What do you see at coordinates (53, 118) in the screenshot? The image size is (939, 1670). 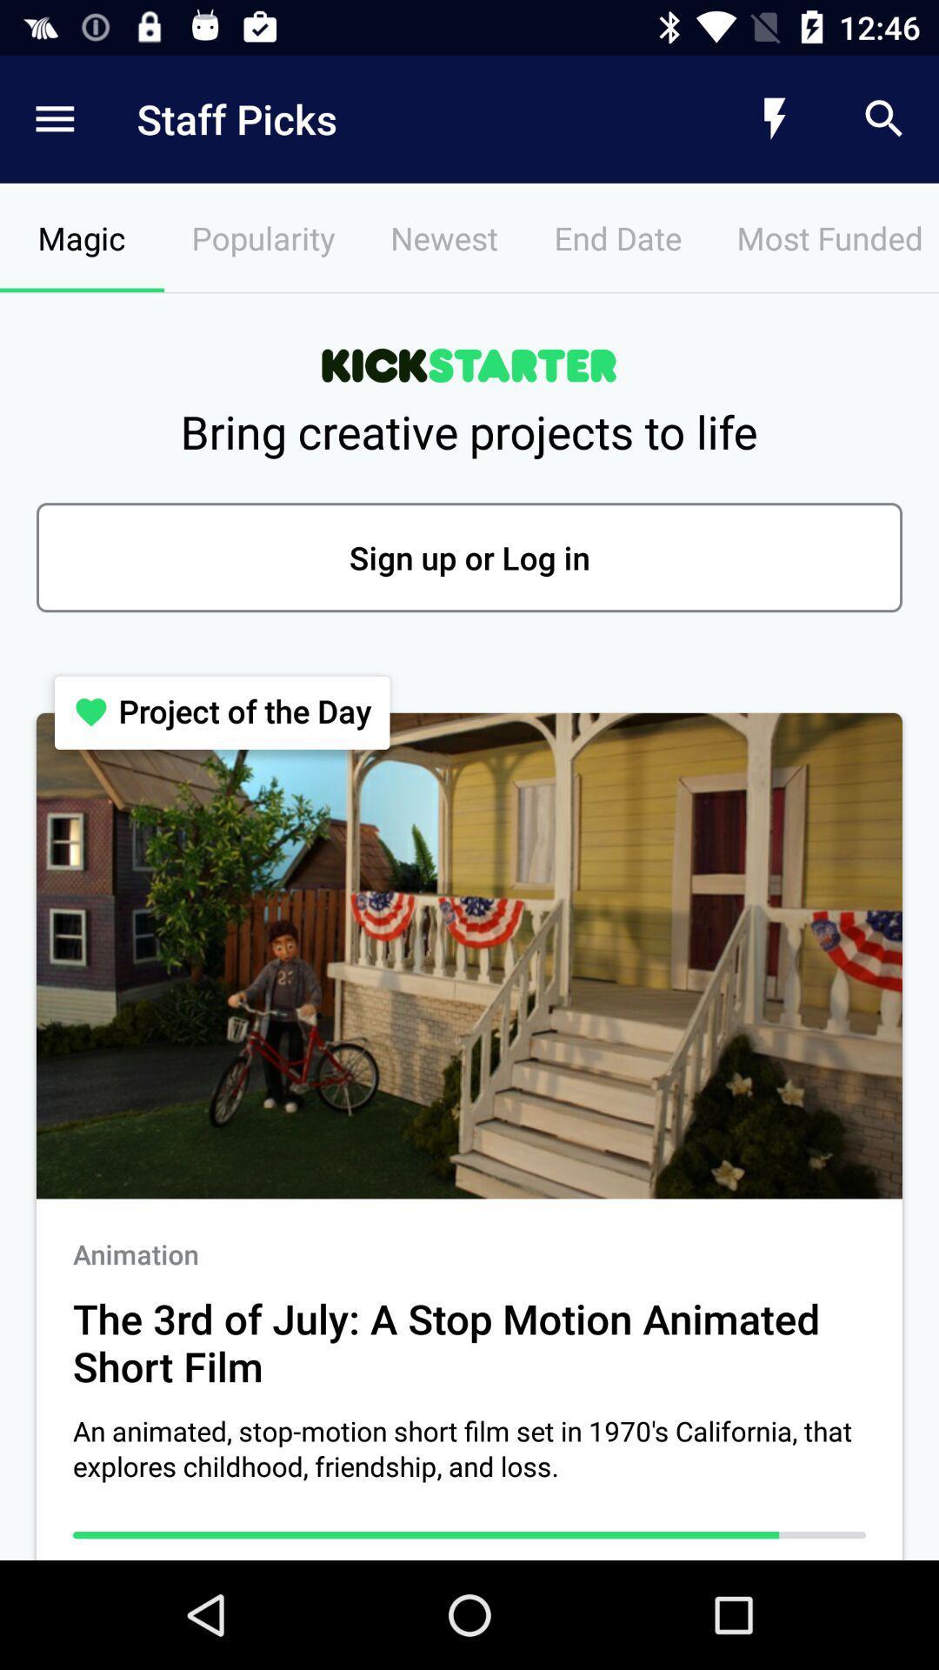 I see `item next to staff picks item` at bounding box center [53, 118].